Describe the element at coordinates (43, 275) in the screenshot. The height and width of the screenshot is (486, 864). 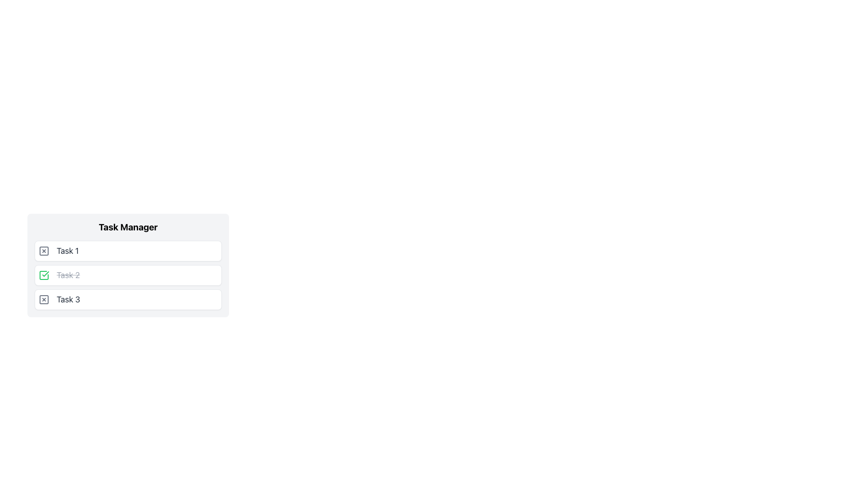
I see `the green square icon with a checkmark symbol inside, located at the top-left corner of the 'Task 2' item` at that location.